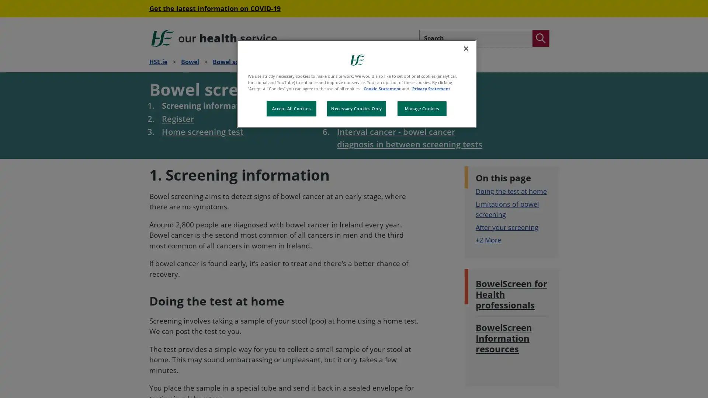  I want to click on Accept All Cookies, so click(291, 108).